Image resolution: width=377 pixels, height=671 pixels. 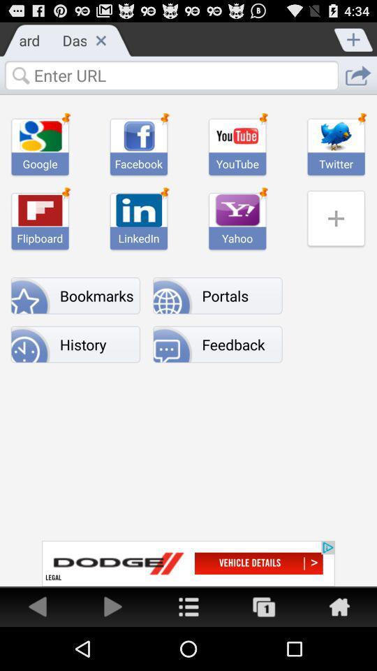 I want to click on the close icon, so click(x=100, y=43).